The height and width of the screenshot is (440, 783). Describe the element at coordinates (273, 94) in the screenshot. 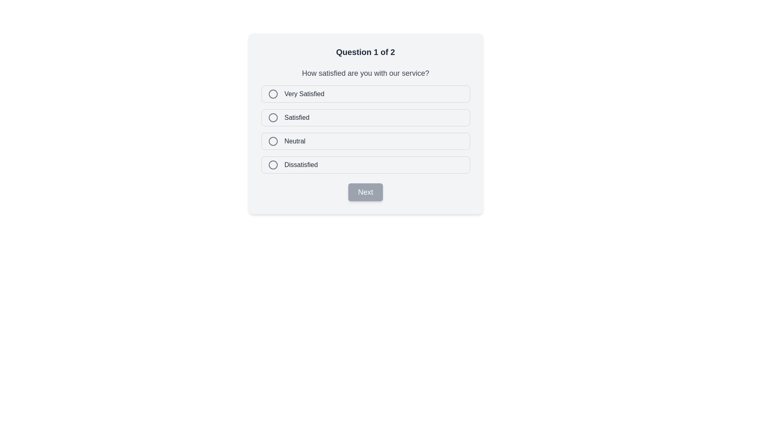

I see `the first radio button labeled 'Very Satisfied'` at that location.